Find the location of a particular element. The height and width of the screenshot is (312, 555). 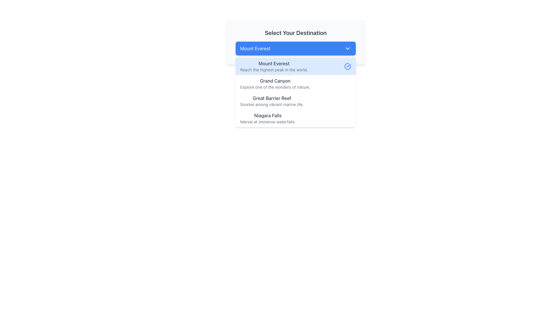

to select the fourth entry in the dropdown menu representing 'Niagara Falls' is located at coordinates (295, 118).